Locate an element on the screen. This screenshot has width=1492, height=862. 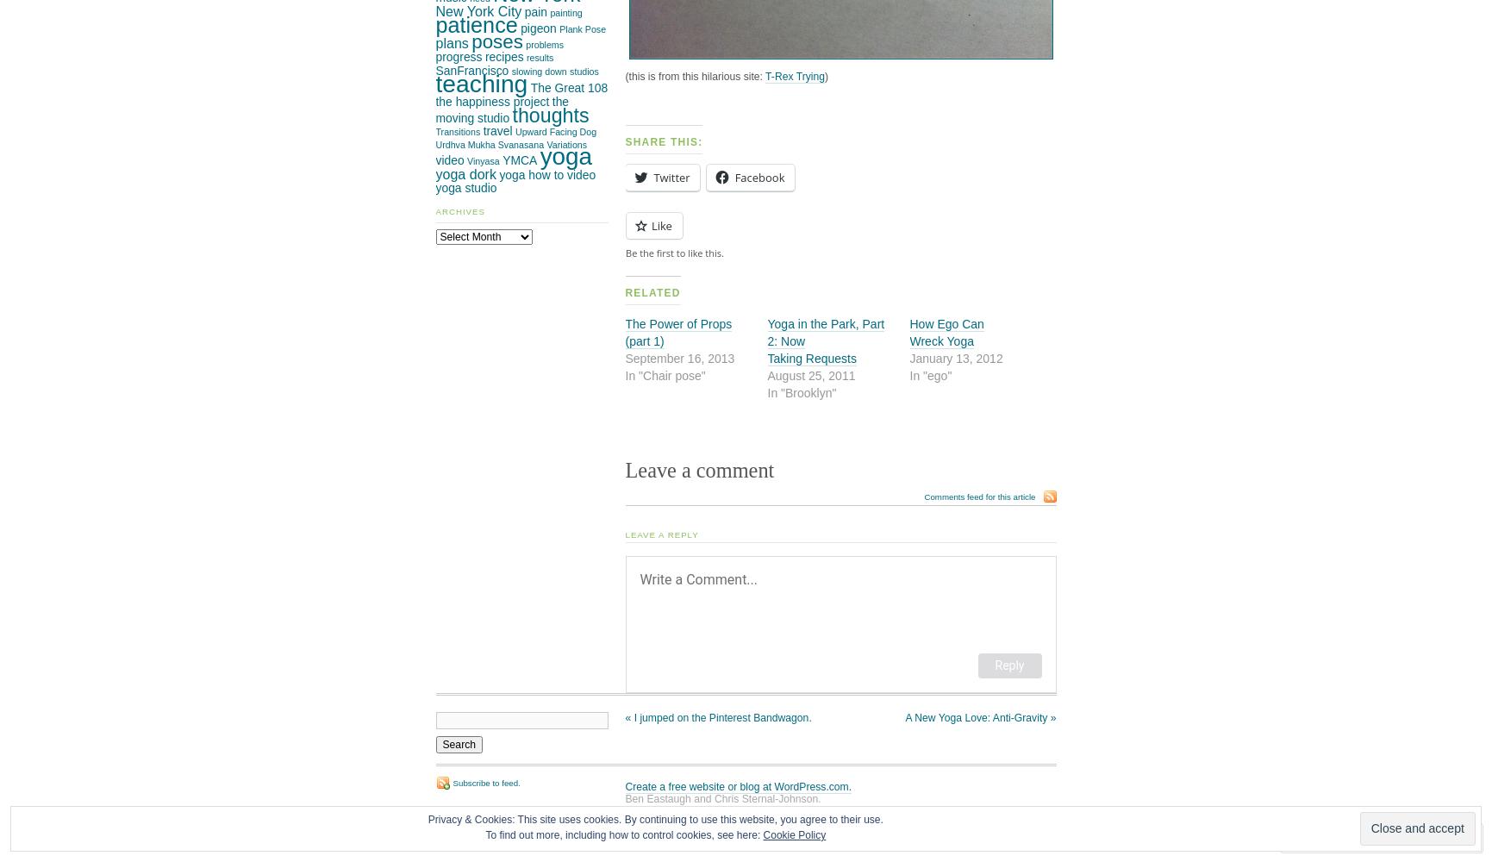
'patience' is located at coordinates (434, 25).